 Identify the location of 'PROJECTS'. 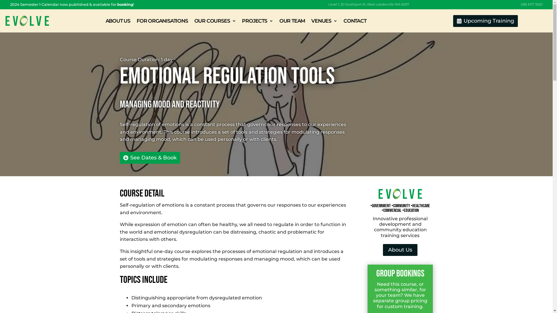
(257, 21).